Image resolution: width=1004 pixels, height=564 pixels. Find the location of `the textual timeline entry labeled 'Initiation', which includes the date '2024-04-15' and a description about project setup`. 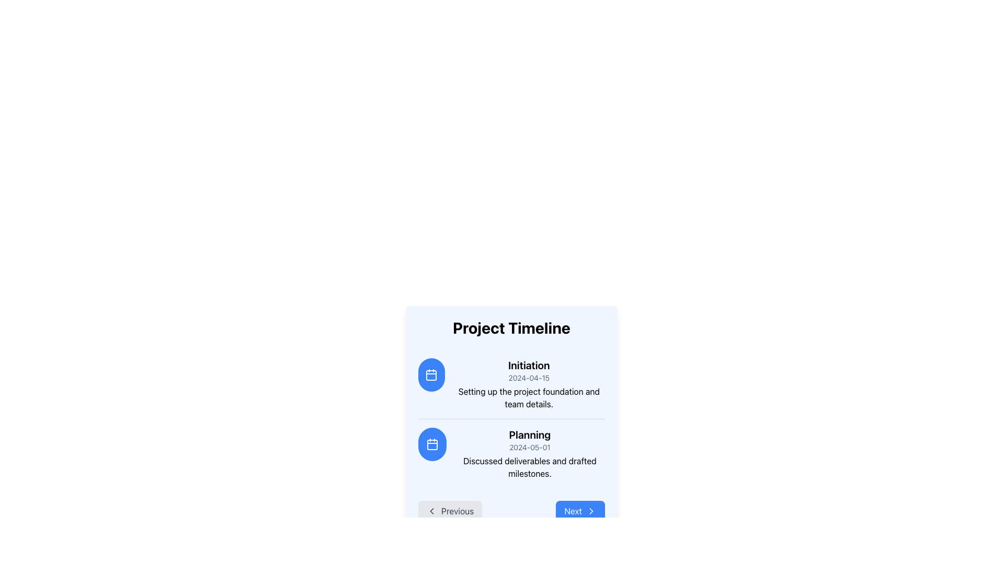

the textual timeline entry labeled 'Initiation', which includes the date '2024-04-15' and a description about project setup is located at coordinates (529, 384).